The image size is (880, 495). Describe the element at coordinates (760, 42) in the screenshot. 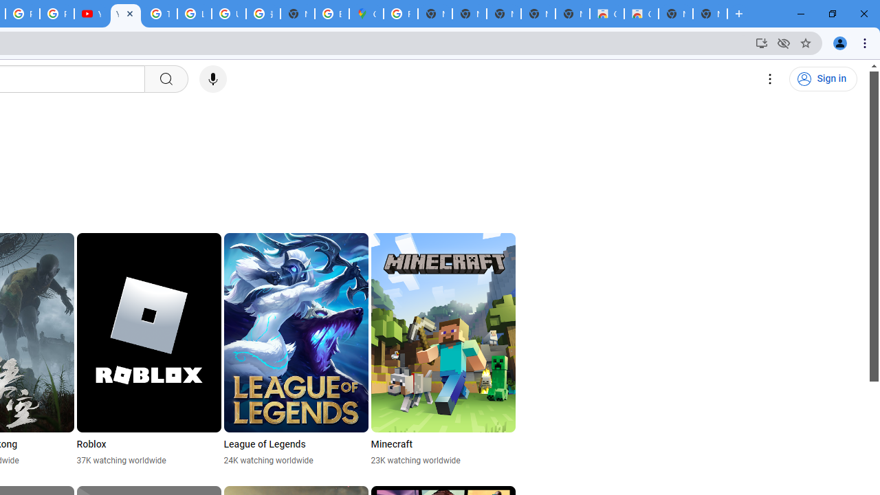

I see `'Install YouTube'` at that location.